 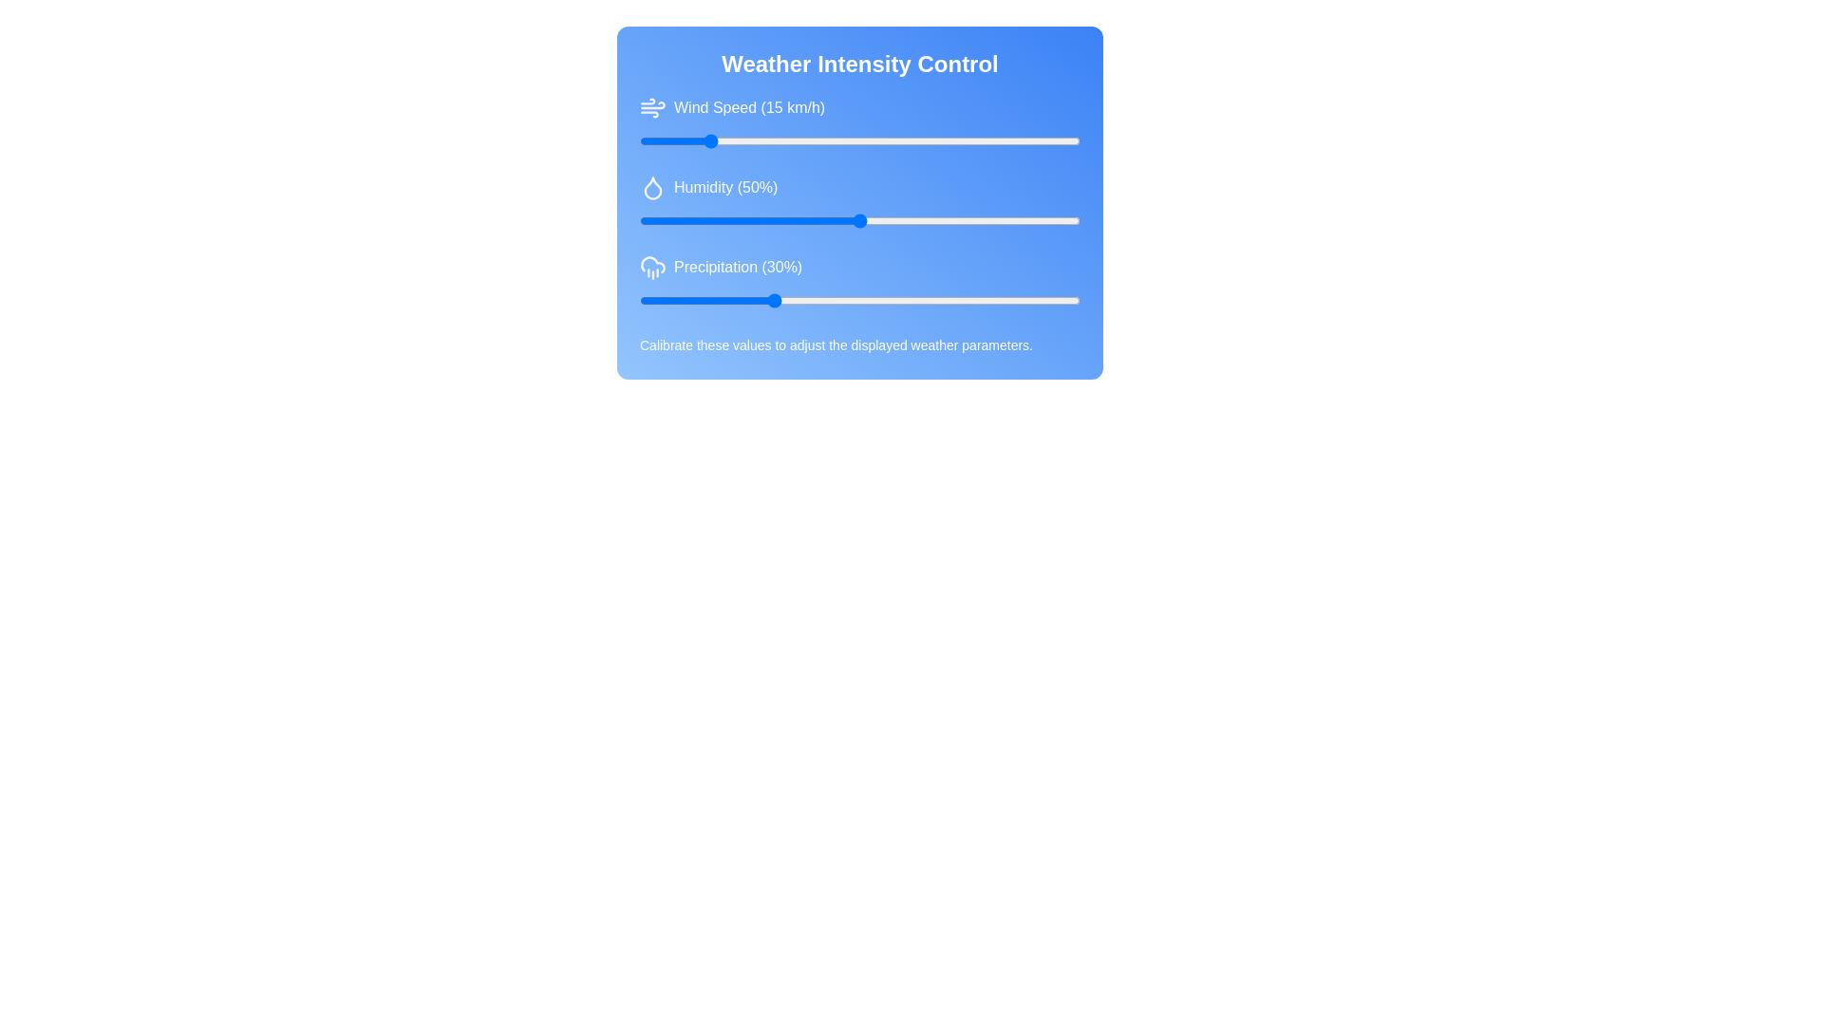 I want to click on the slider of the 'Precipitation (30%)' control, which features a rain cloud icon and is positioned beneath the 'Humidity (50%)' control in a vertical list, so click(x=859, y=282).